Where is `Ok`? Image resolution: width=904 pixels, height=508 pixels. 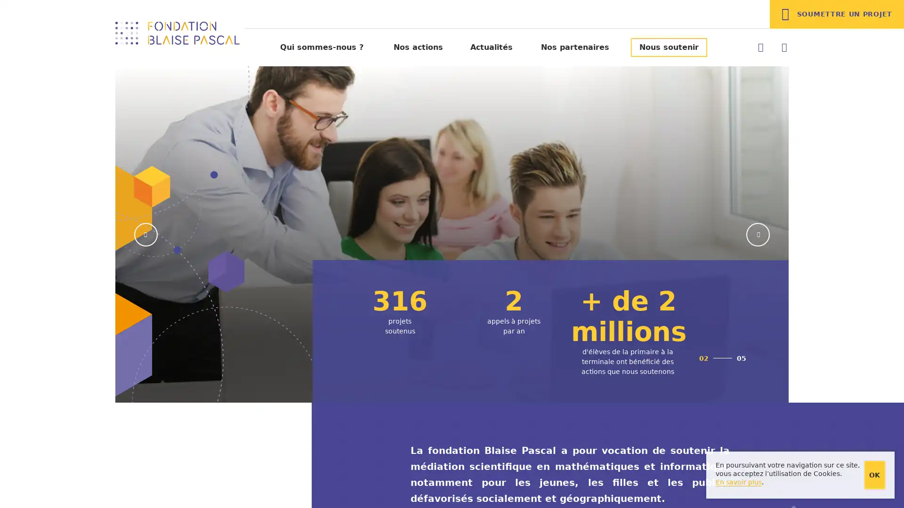 Ok is located at coordinates (874, 475).